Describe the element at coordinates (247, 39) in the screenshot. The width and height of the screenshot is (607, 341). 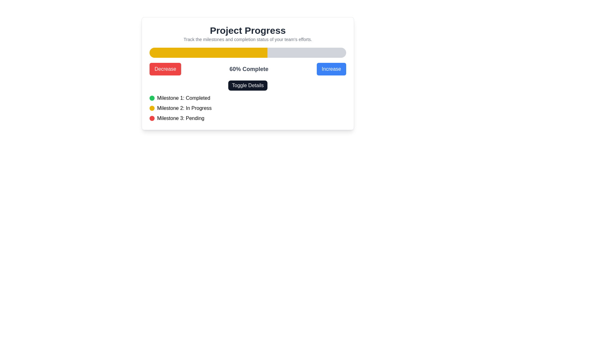
I see `the small-sized, gray-colored static text that reads, 'Track the milestones and completion status of your team's efforts.', located beneath the 'Project Progress' header and centrally aligned` at that location.